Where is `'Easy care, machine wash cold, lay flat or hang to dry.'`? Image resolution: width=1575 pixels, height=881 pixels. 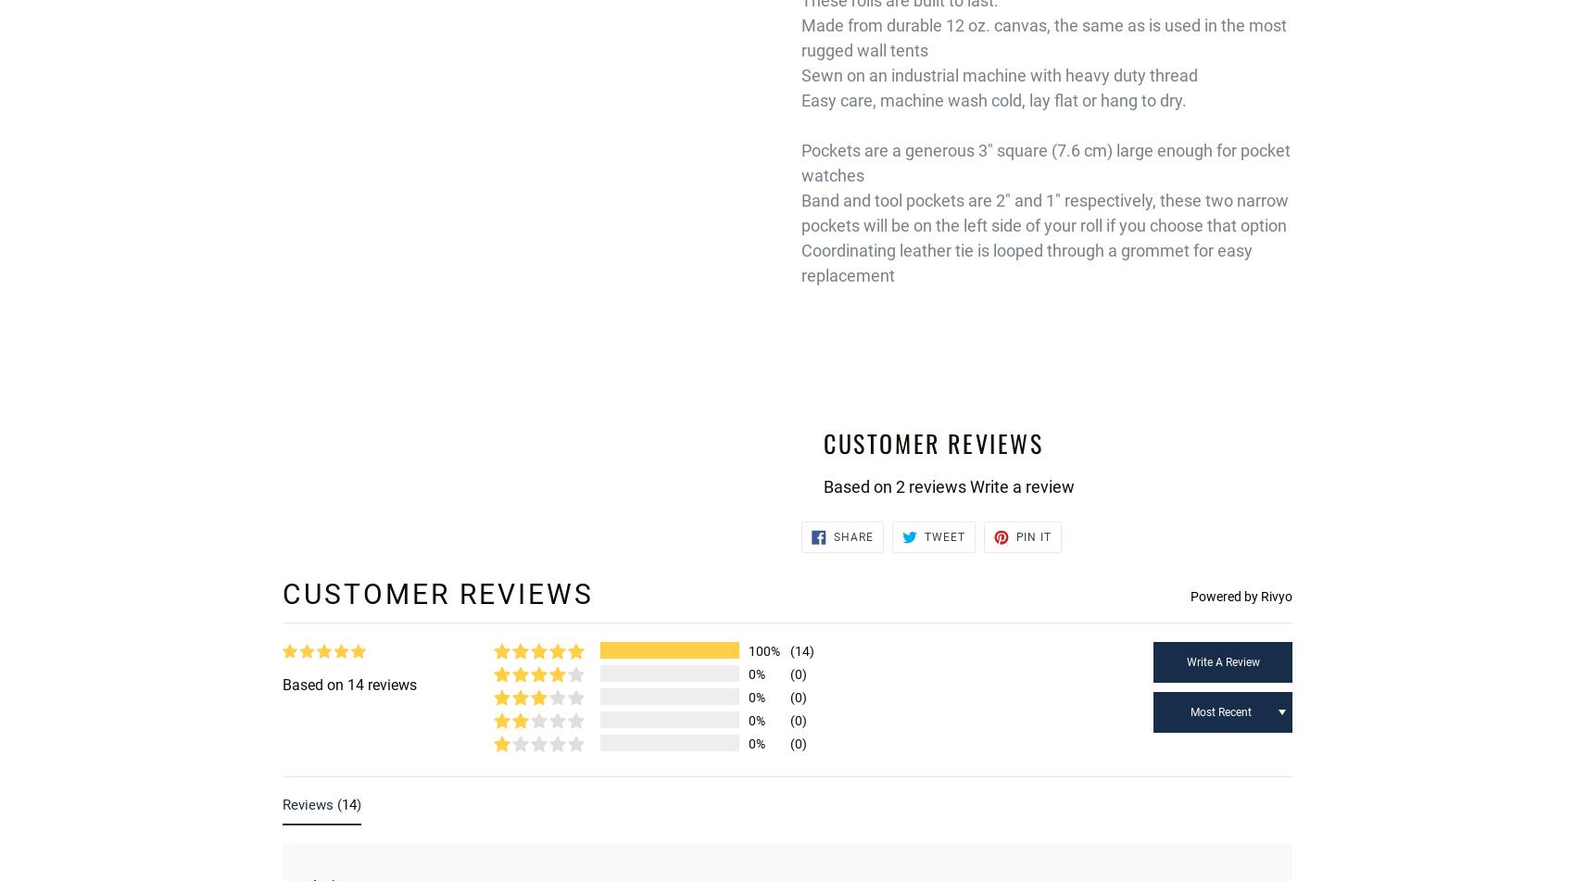 'Easy care, machine wash cold, lay flat or hang to dry.' is located at coordinates (994, 100).